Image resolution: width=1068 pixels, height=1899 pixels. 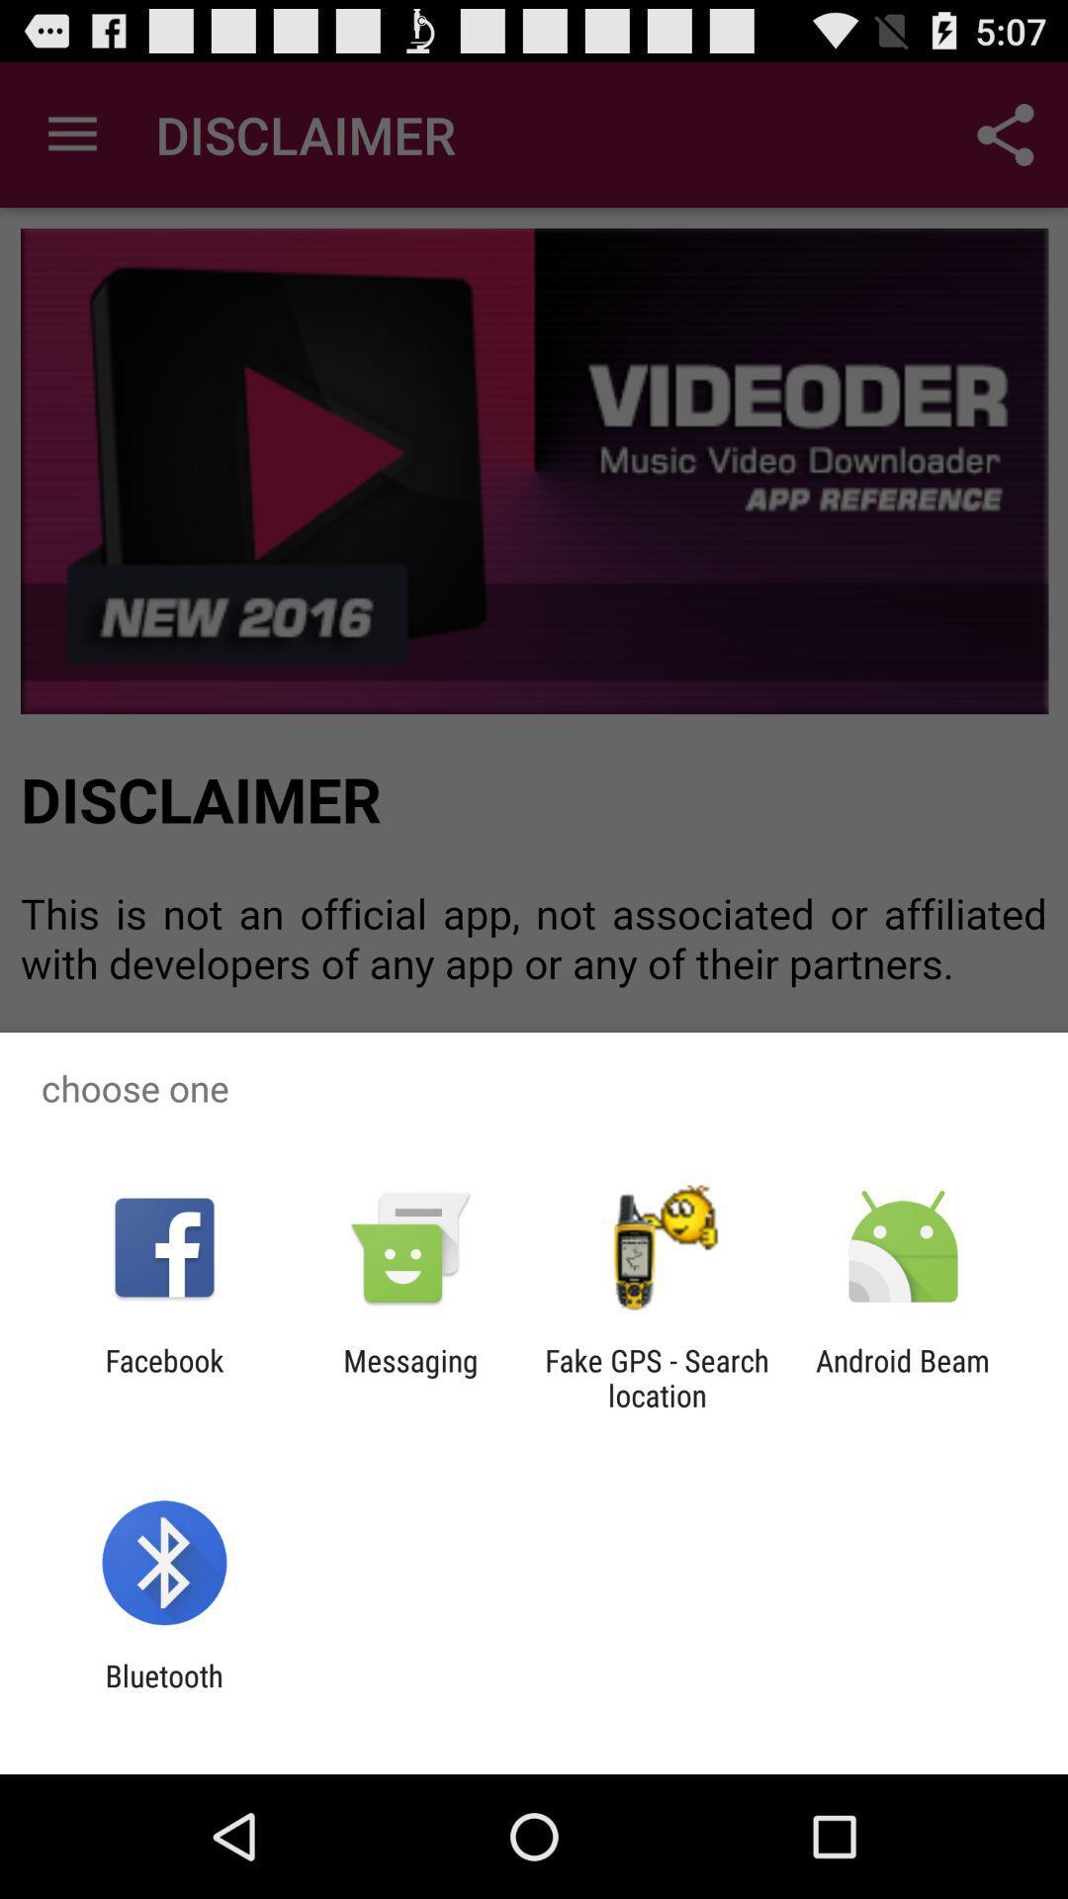 What do you see at coordinates (163, 1692) in the screenshot?
I see `the bluetooth app` at bounding box center [163, 1692].